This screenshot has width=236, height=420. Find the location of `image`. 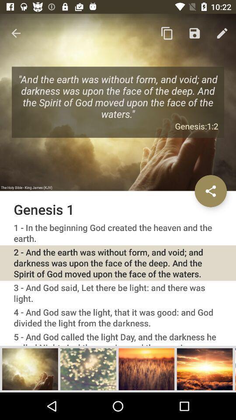

image is located at coordinates (30, 368).